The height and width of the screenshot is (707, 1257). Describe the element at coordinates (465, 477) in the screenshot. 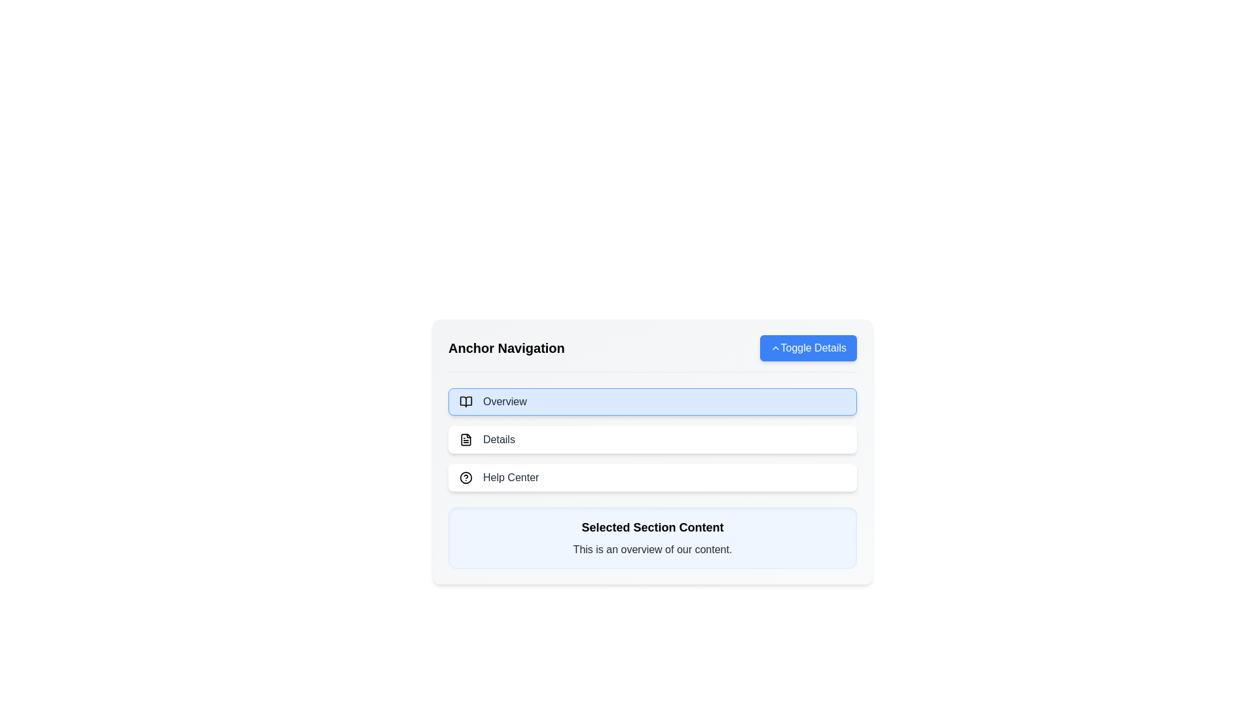

I see `the help icon located immediately to the left of the 'Help Center' text label` at that location.